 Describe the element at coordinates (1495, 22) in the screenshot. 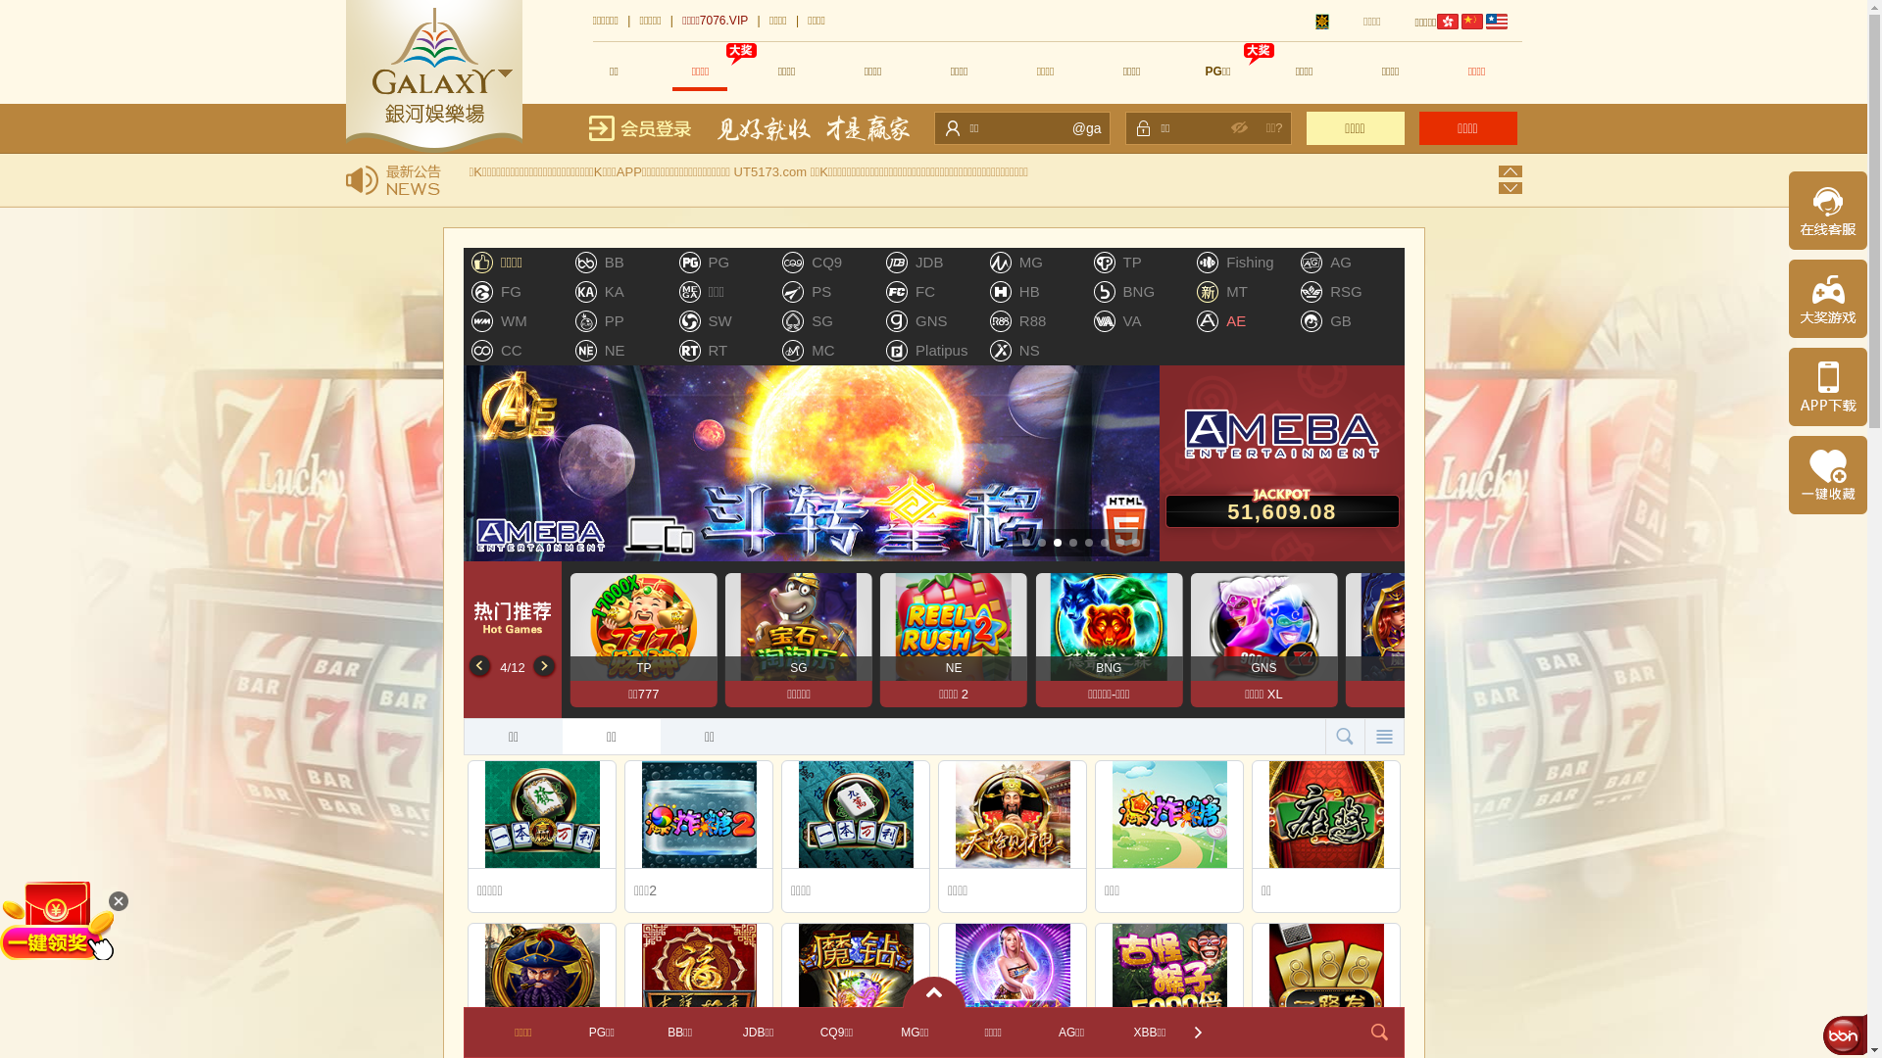

I see `'English'` at that location.